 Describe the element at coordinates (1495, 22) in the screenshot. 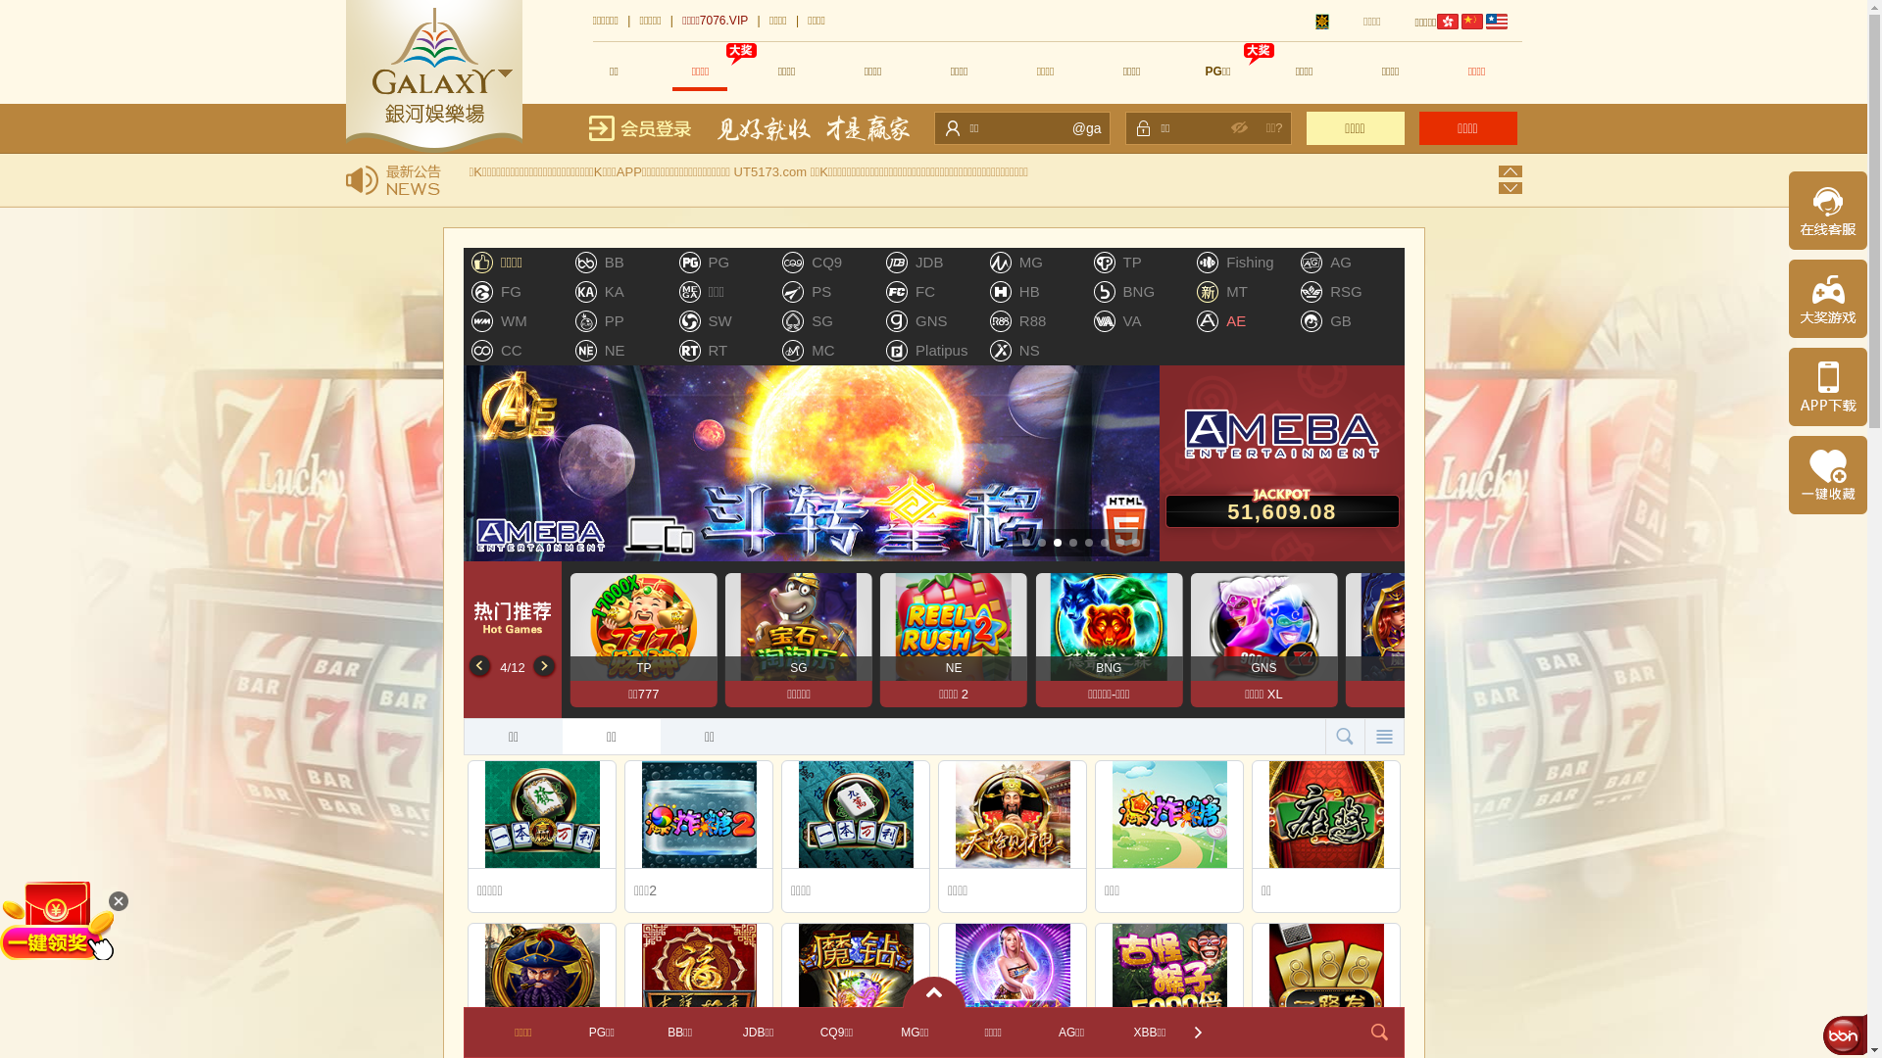

I see `'English'` at that location.